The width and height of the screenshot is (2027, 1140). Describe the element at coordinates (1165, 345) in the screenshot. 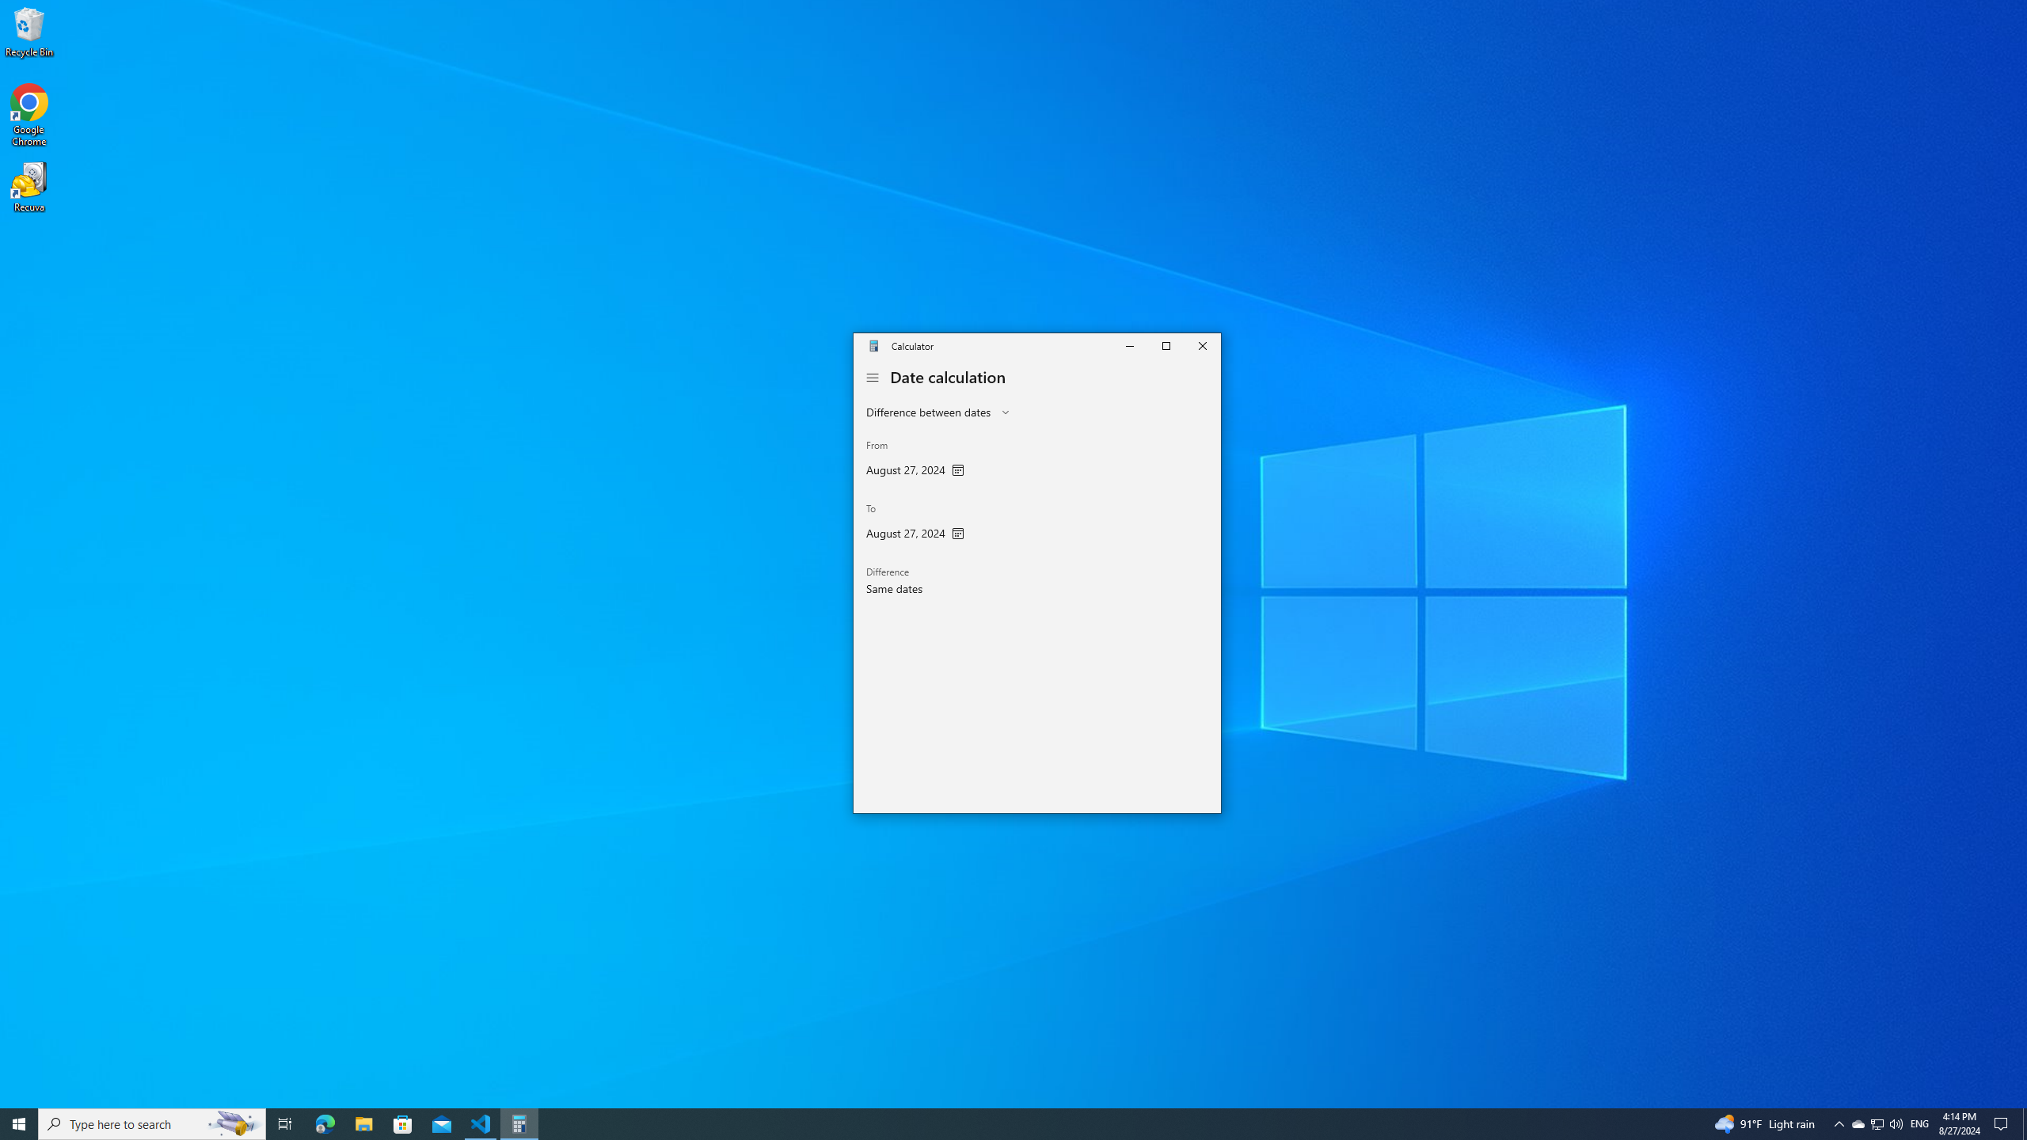

I see `'Maximize Calculator'` at that location.